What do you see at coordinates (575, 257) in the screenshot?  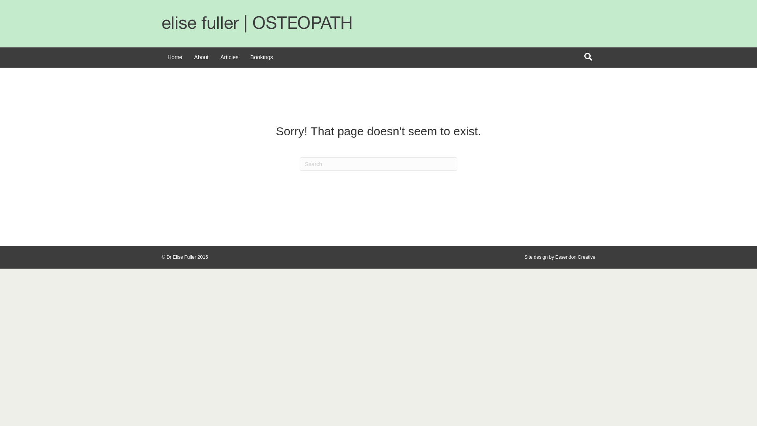 I see `'Essendon Creative'` at bounding box center [575, 257].